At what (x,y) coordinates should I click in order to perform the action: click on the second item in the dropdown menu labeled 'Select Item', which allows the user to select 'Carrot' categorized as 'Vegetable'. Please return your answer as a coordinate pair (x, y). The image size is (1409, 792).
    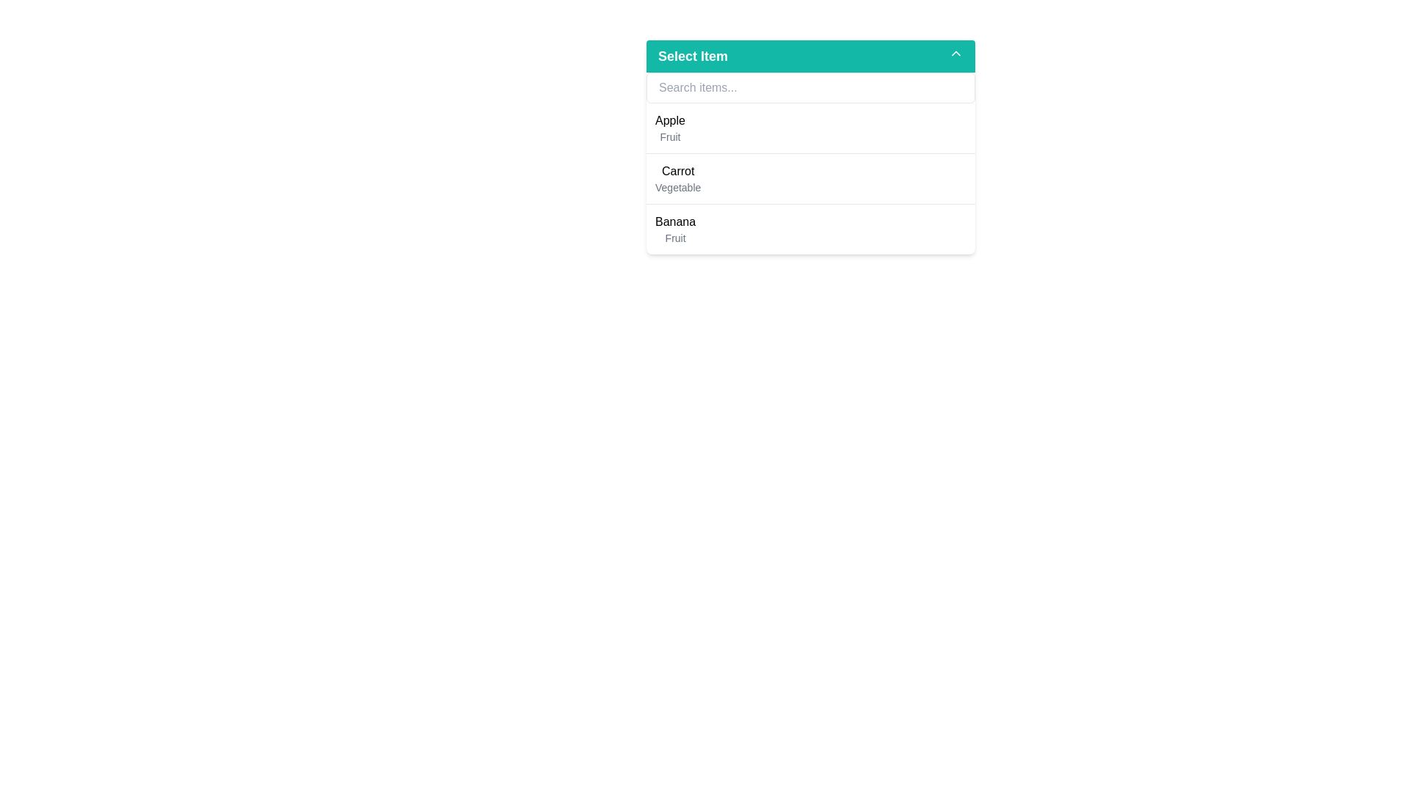
    Looking at the image, I should click on (809, 164).